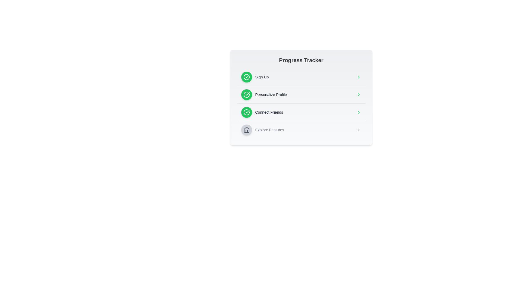 The height and width of the screenshot is (293, 521). What do you see at coordinates (247, 76) in the screenshot?
I see `the status indicator icon that shows the completion of the 'Personalize Profile' step in the progress tracker` at bounding box center [247, 76].